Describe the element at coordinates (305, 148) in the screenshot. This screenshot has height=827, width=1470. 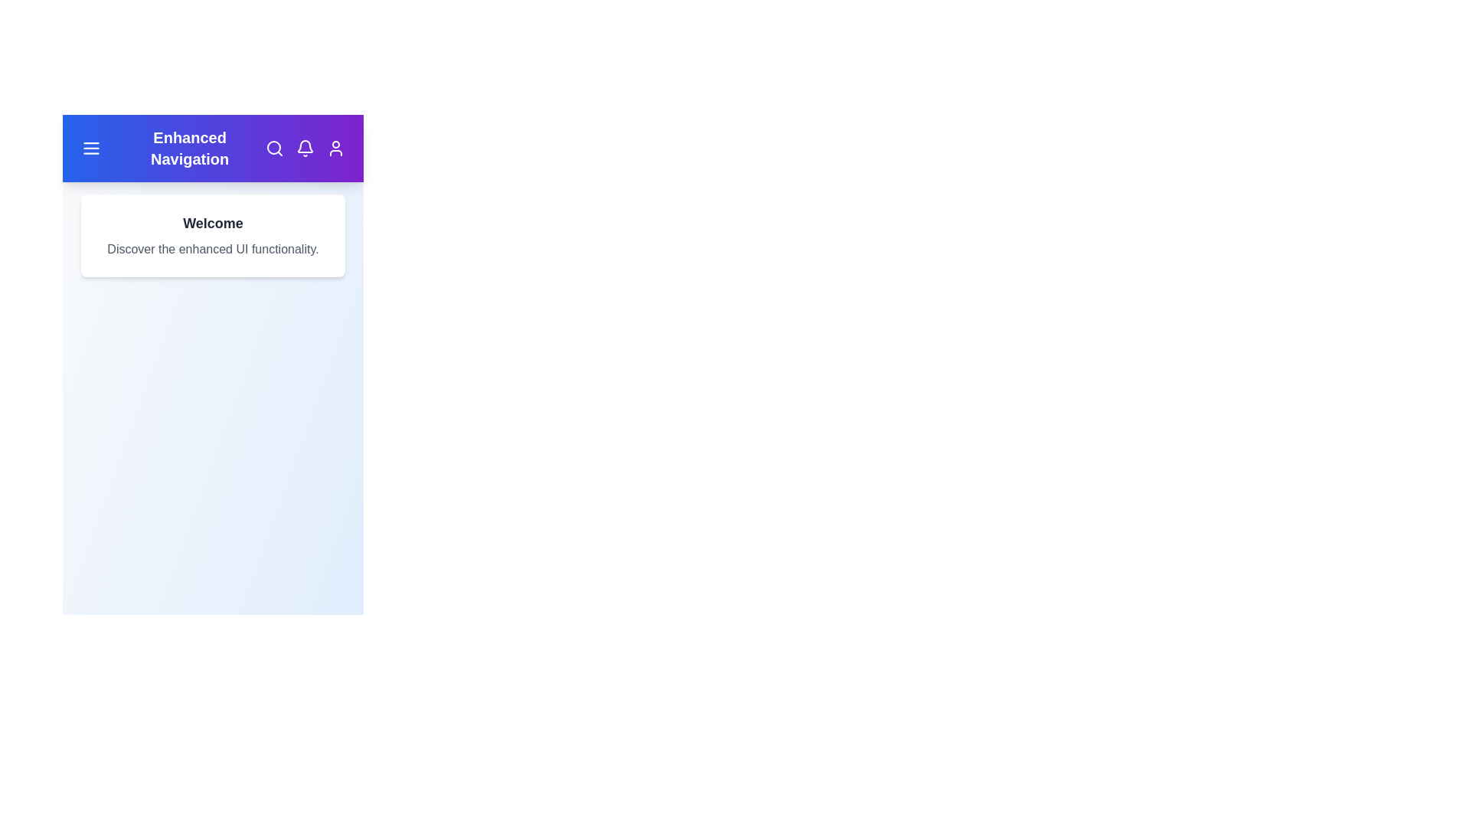
I see `the notification icon in the navigation bar` at that location.